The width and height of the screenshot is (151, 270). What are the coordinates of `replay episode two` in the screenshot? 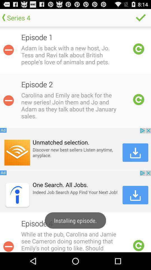 It's located at (138, 100).